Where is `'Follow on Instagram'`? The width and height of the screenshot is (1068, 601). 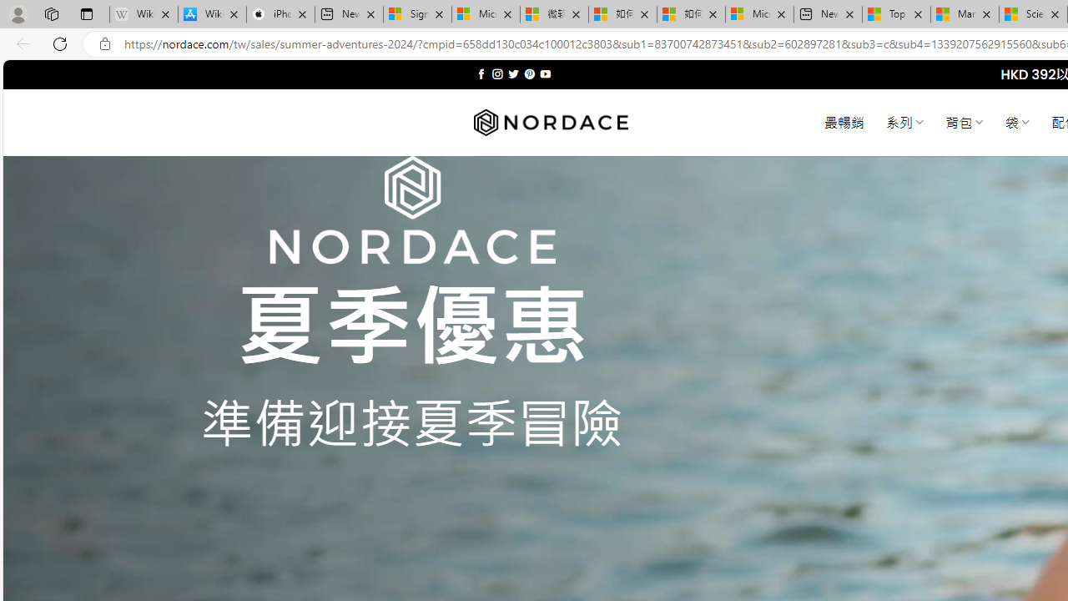 'Follow on Instagram' is located at coordinates (496, 73).